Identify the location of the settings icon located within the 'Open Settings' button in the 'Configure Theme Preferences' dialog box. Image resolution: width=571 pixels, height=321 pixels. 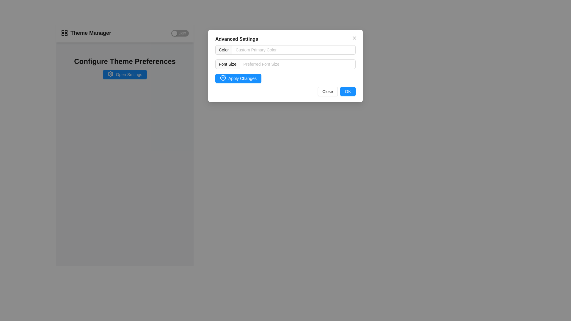
(110, 73).